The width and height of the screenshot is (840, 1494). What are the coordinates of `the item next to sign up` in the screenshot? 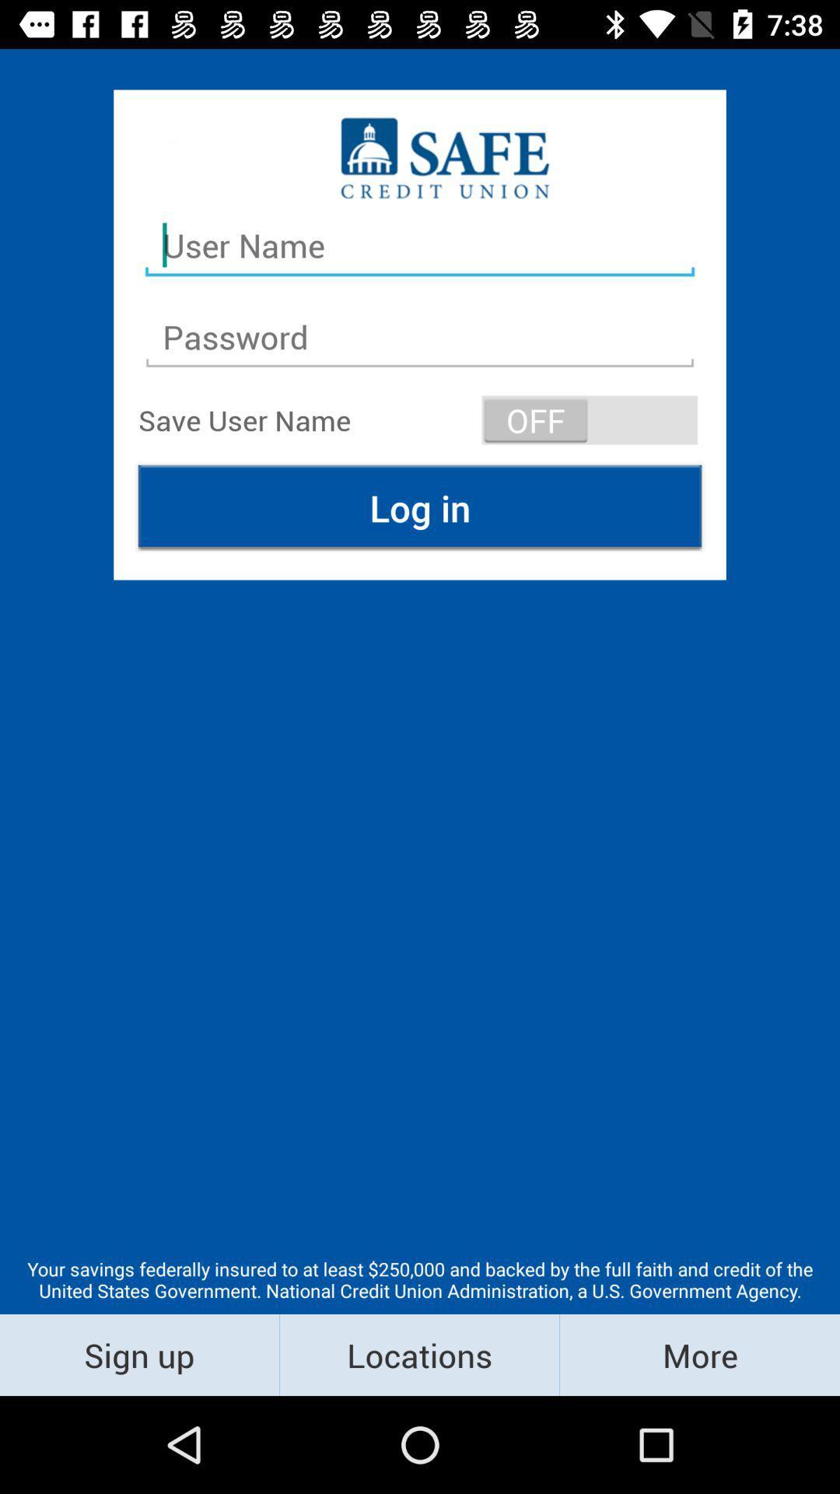 It's located at (418, 1354).